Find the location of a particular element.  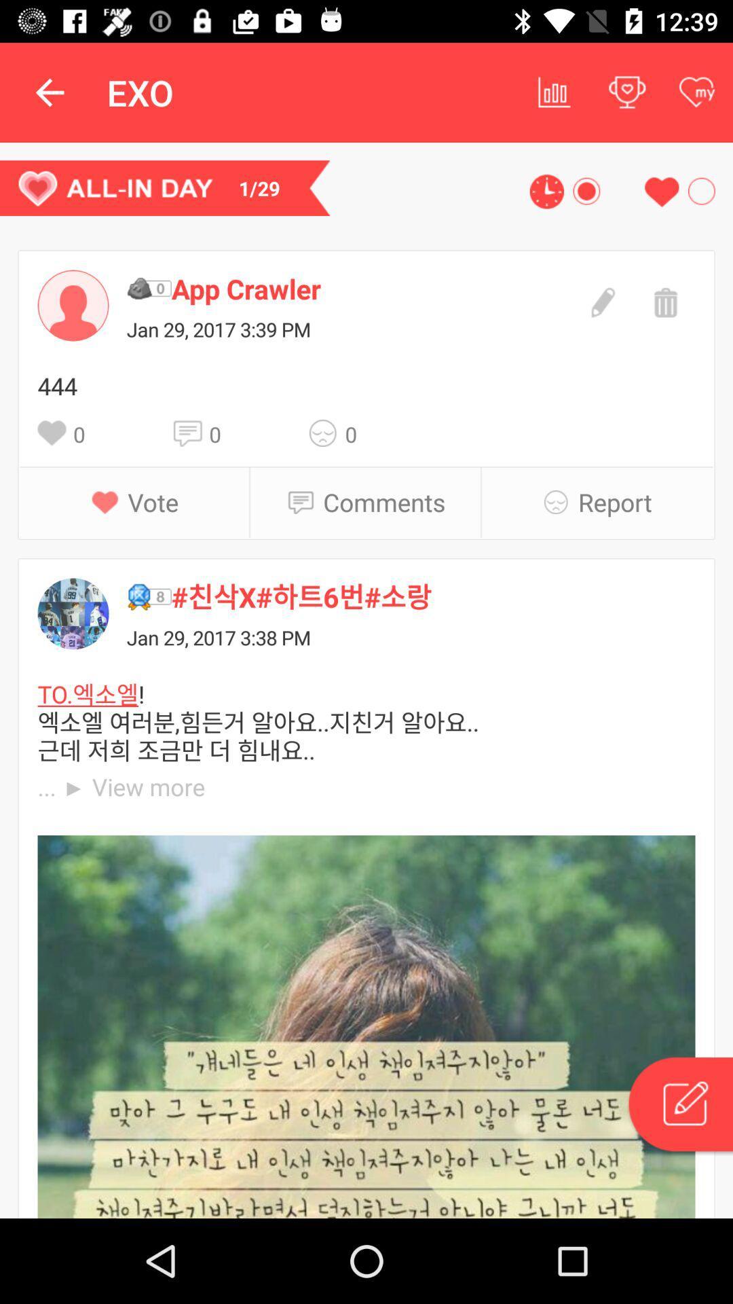

react with emoji is located at coordinates (327, 432).